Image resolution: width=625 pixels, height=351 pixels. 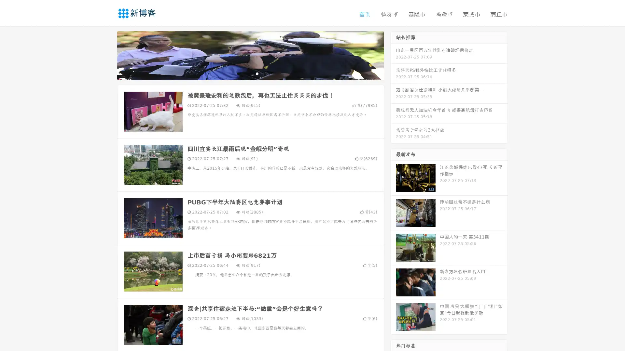 What do you see at coordinates (257, 73) in the screenshot?
I see `Go to slide 3` at bounding box center [257, 73].